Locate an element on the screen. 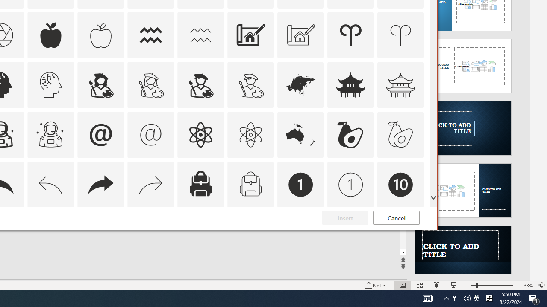  'AutomationID: Icons_Badge10' is located at coordinates (400, 184).